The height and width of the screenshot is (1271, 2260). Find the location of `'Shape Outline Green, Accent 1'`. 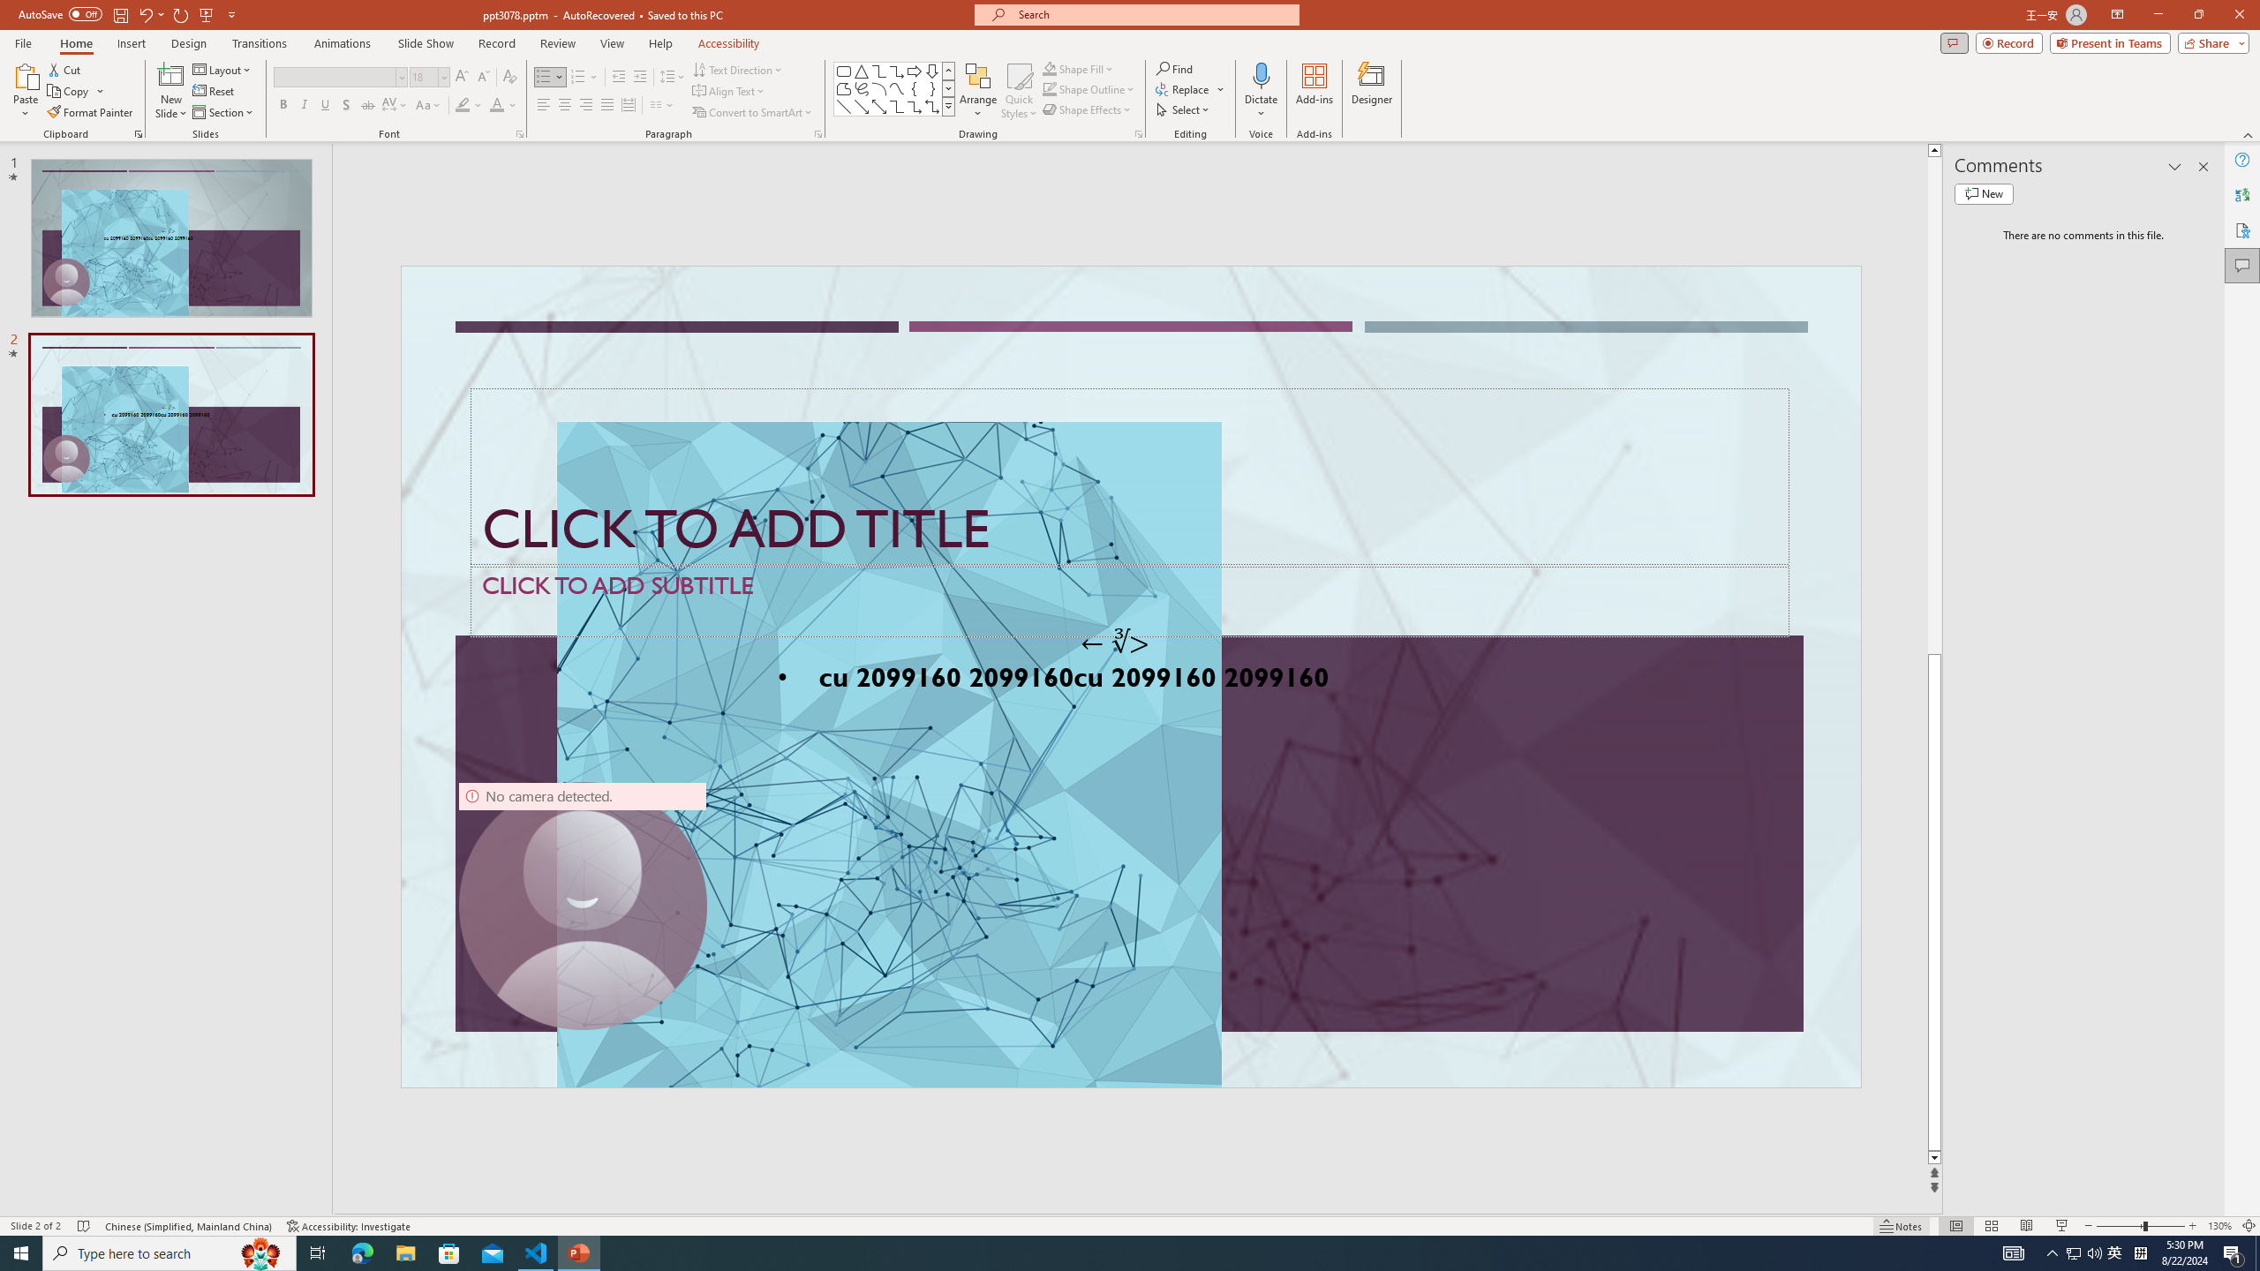

'Shape Outline Green, Accent 1' is located at coordinates (1050, 87).